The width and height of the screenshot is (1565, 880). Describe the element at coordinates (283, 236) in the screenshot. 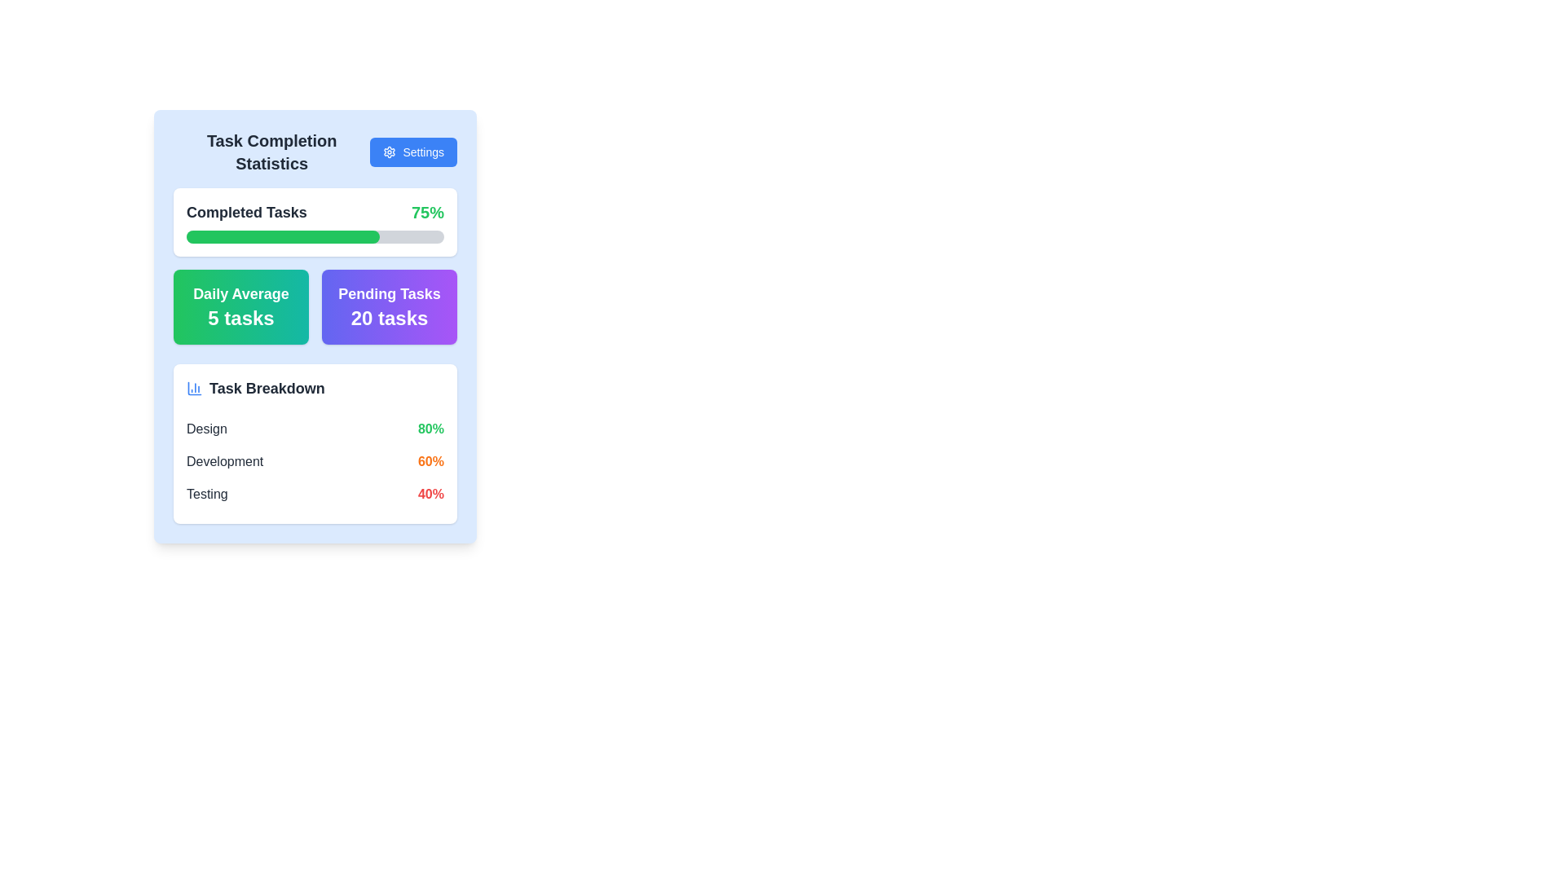

I see `completion status from the progress bar located in the middle of the 'Completed Tasks' UI component, below its label and numeric percentage` at that location.